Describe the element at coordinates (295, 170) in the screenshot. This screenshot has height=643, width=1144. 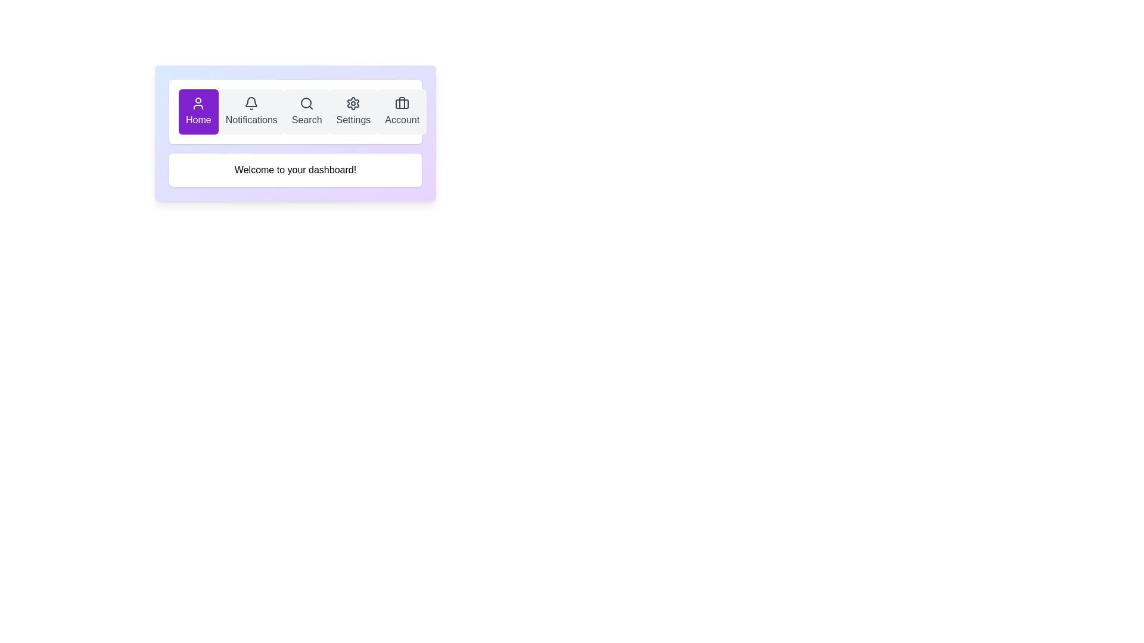
I see `the static text block displaying 'Welcome to your dashboard!' which is centrally aligned beneath the navigation bar` at that location.